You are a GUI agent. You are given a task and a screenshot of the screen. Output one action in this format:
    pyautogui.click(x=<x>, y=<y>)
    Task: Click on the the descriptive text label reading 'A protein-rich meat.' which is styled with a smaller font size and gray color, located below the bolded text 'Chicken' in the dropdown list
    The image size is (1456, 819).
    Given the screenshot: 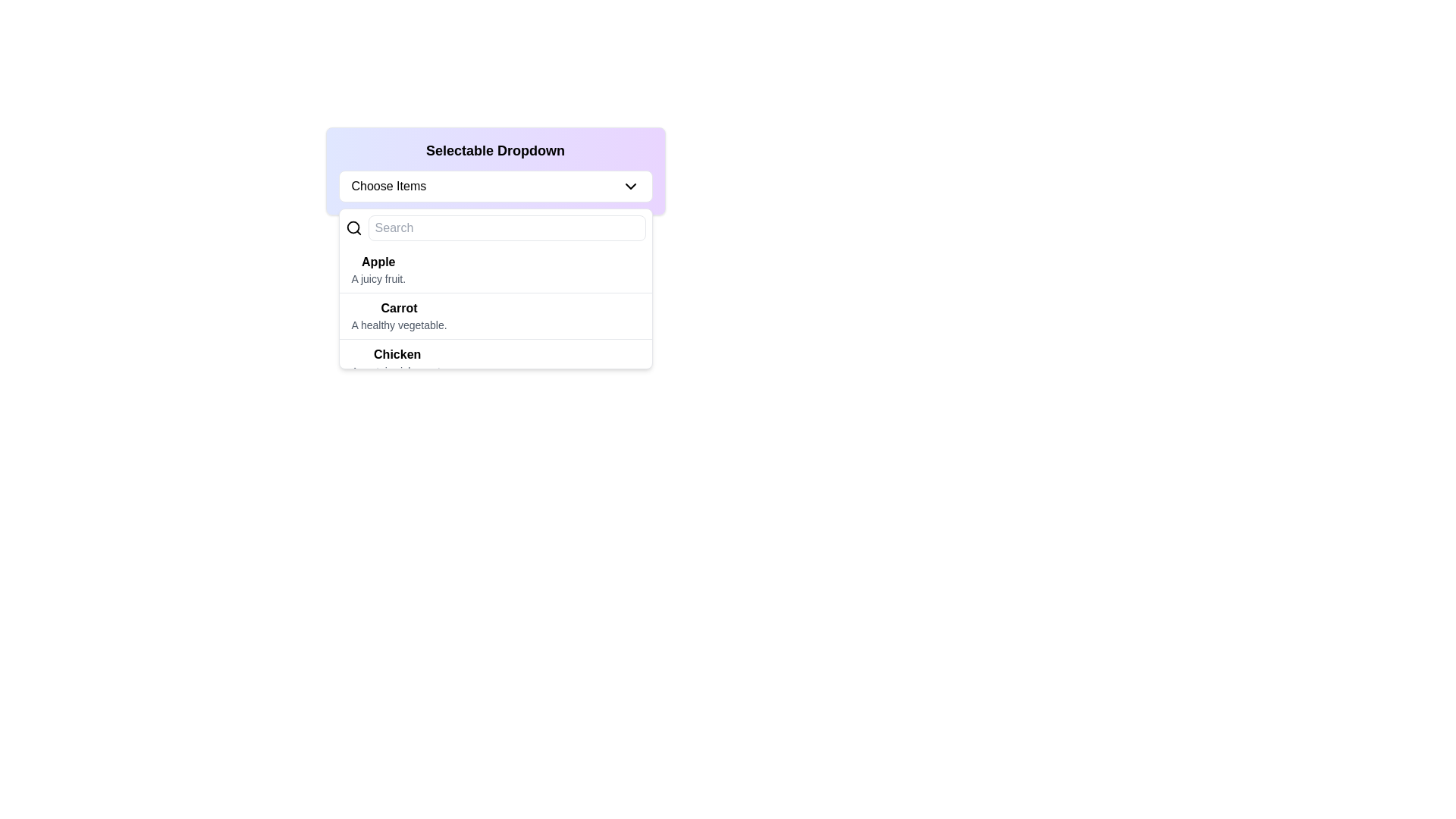 What is the action you would take?
    pyautogui.click(x=397, y=371)
    